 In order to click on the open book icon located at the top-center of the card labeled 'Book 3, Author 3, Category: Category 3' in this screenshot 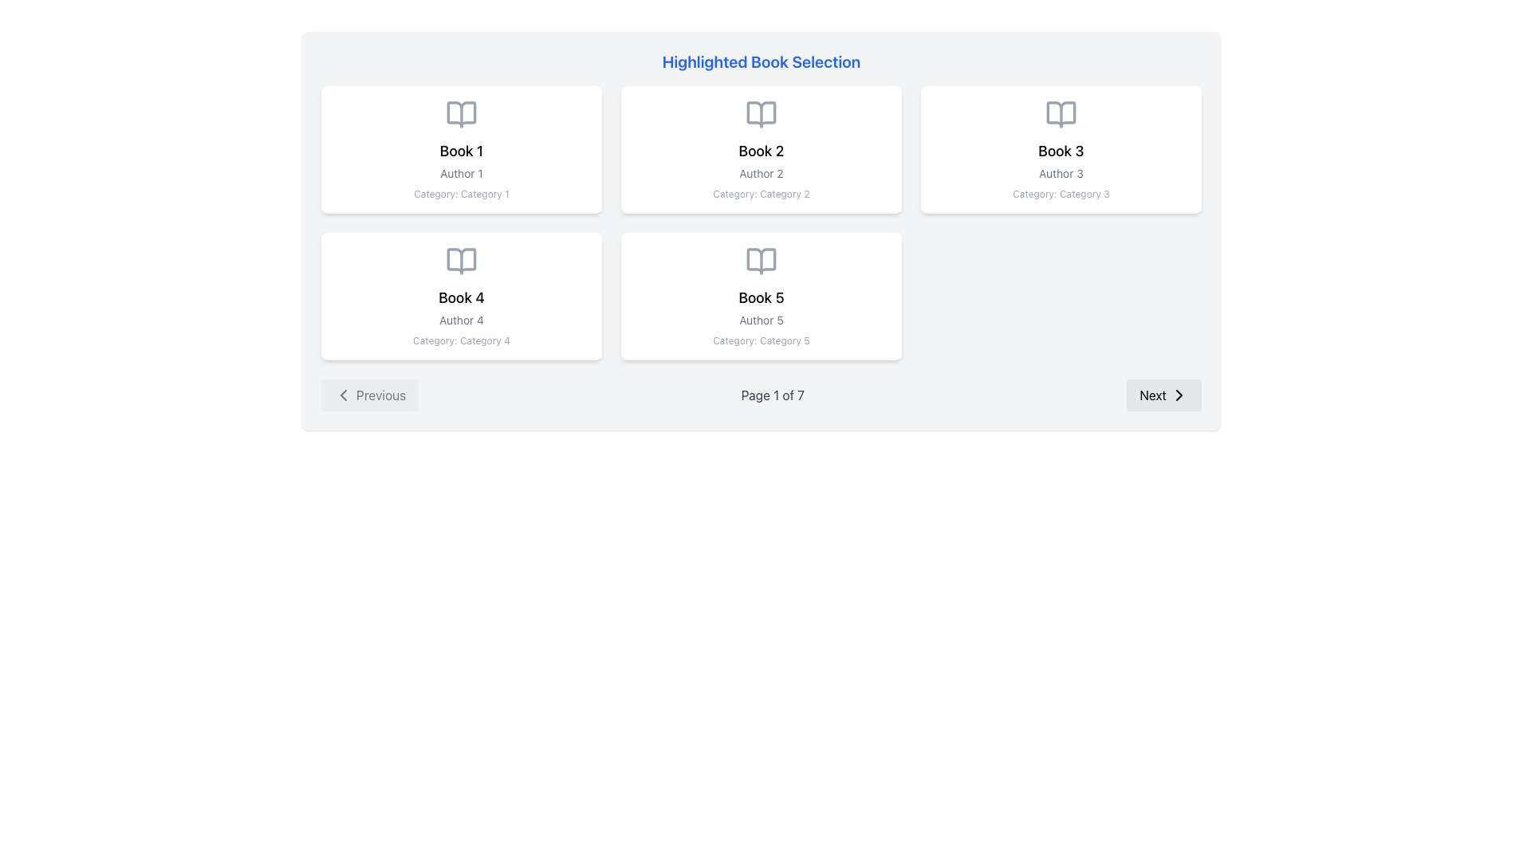, I will do `click(1061, 113)`.